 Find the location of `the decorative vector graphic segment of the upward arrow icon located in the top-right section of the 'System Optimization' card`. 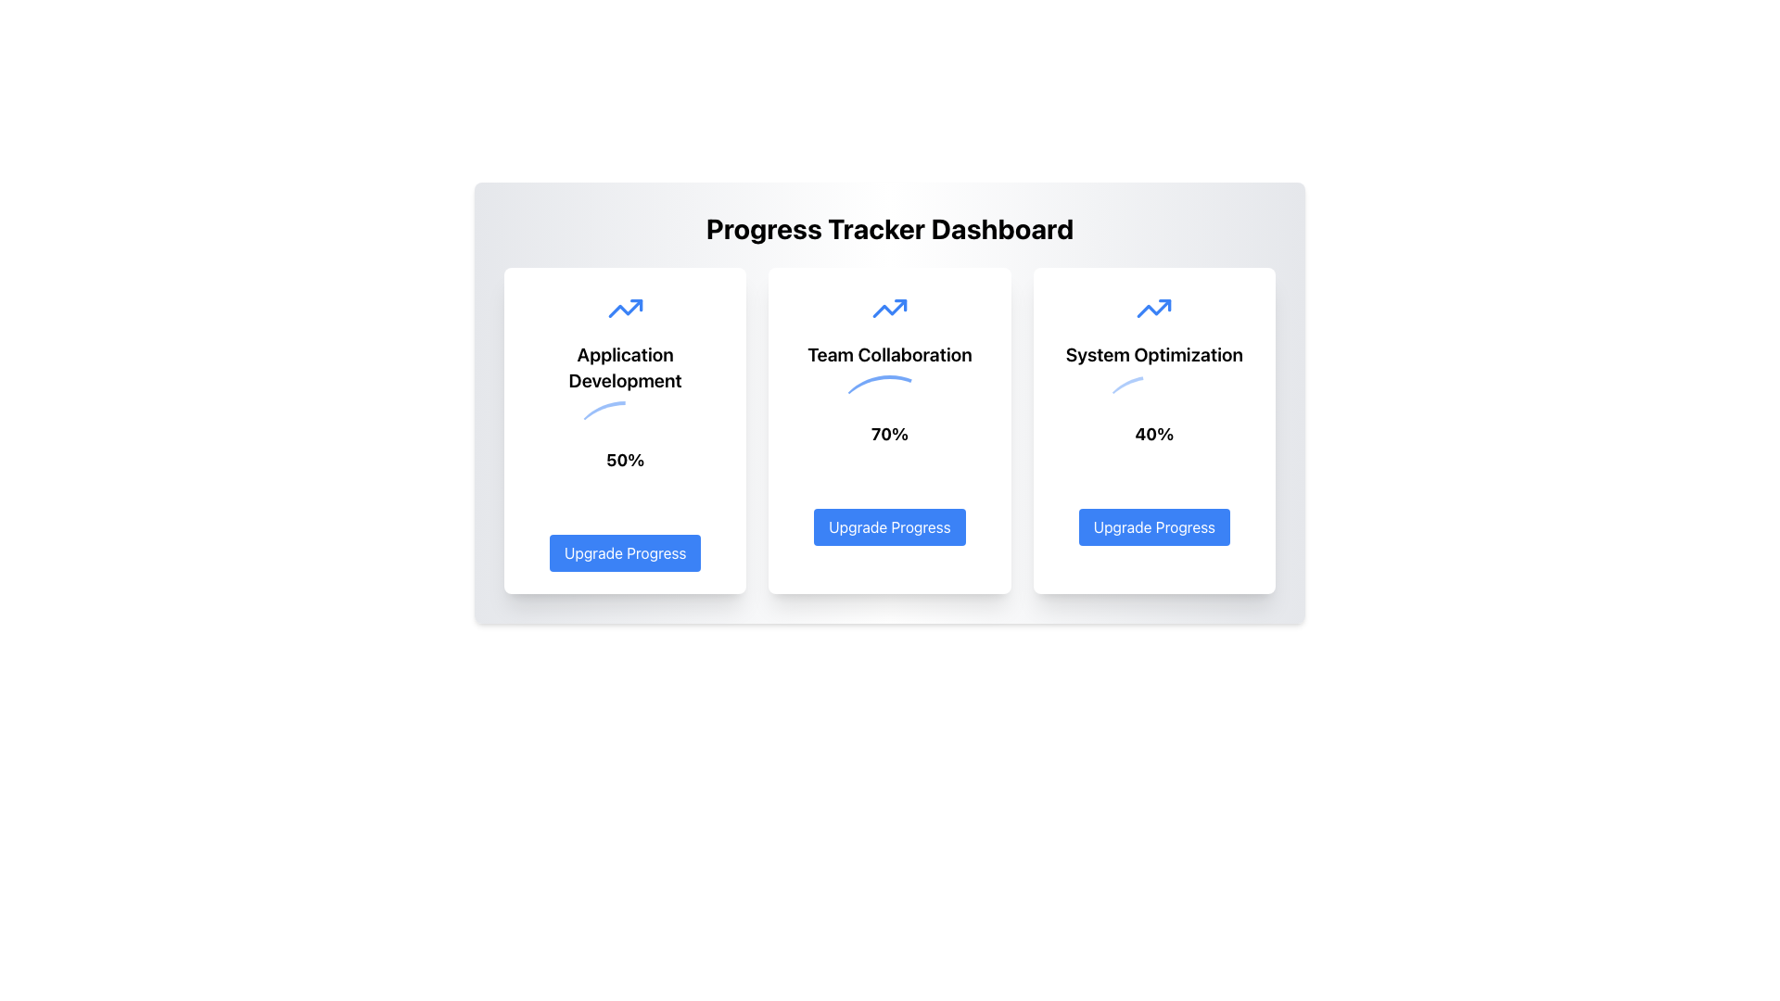

the decorative vector graphic segment of the upward arrow icon located in the top-right section of the 'System Optimization' card is located at coordinates (1164, 304).